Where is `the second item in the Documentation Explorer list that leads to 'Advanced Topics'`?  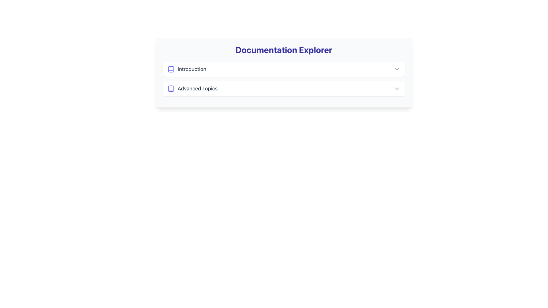
the second item in the Documentation Explorer list that leads to 'Advanced Topics' is located at coordinates (284, 89).